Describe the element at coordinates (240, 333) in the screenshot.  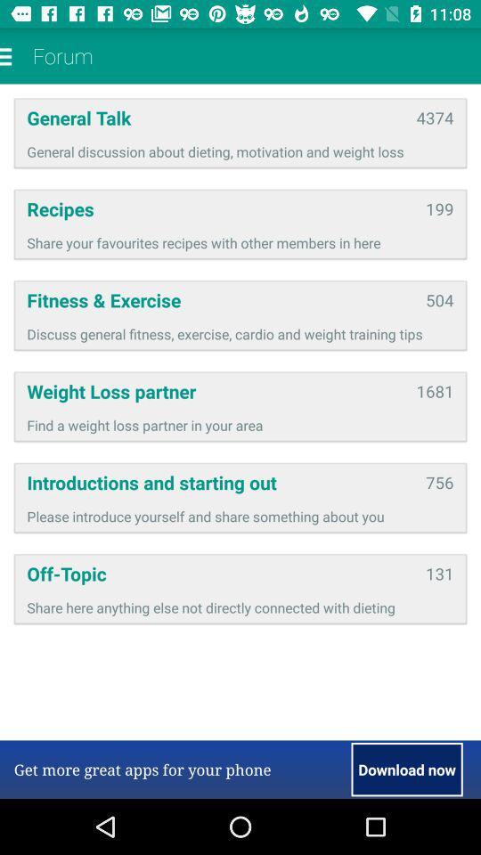
I see `discuss general fitness` at that location.